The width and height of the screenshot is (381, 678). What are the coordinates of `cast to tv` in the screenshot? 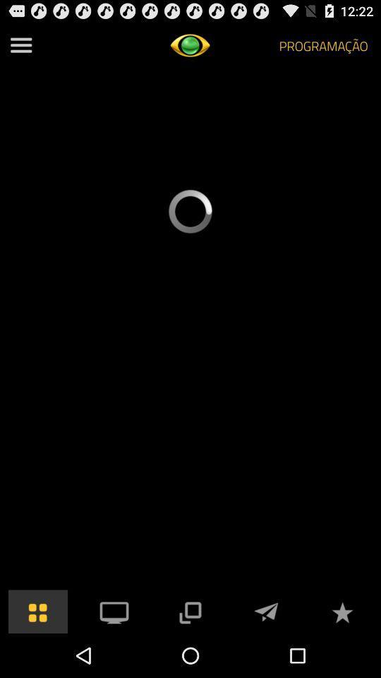 It's located at (114, 610).